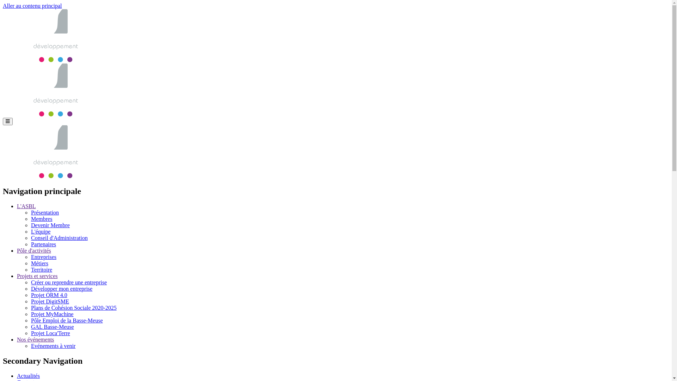 The height and width of the screenshot is (381, 677). Describe the element at coordinates (30, 257) in the screenshot. I see `'Entreprises'` at that location.